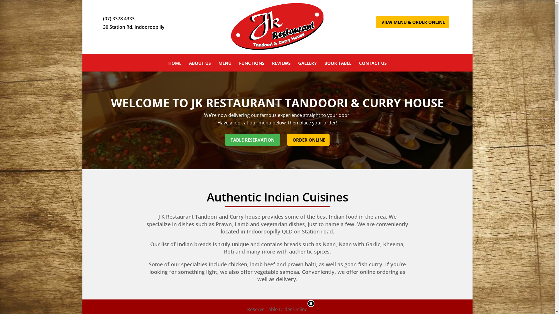 The width and height of the screenshot is (559, 314). Describe the element at coordinates (251, 66) in the screenshot. I see `'FUNCTIONS'` at that location.